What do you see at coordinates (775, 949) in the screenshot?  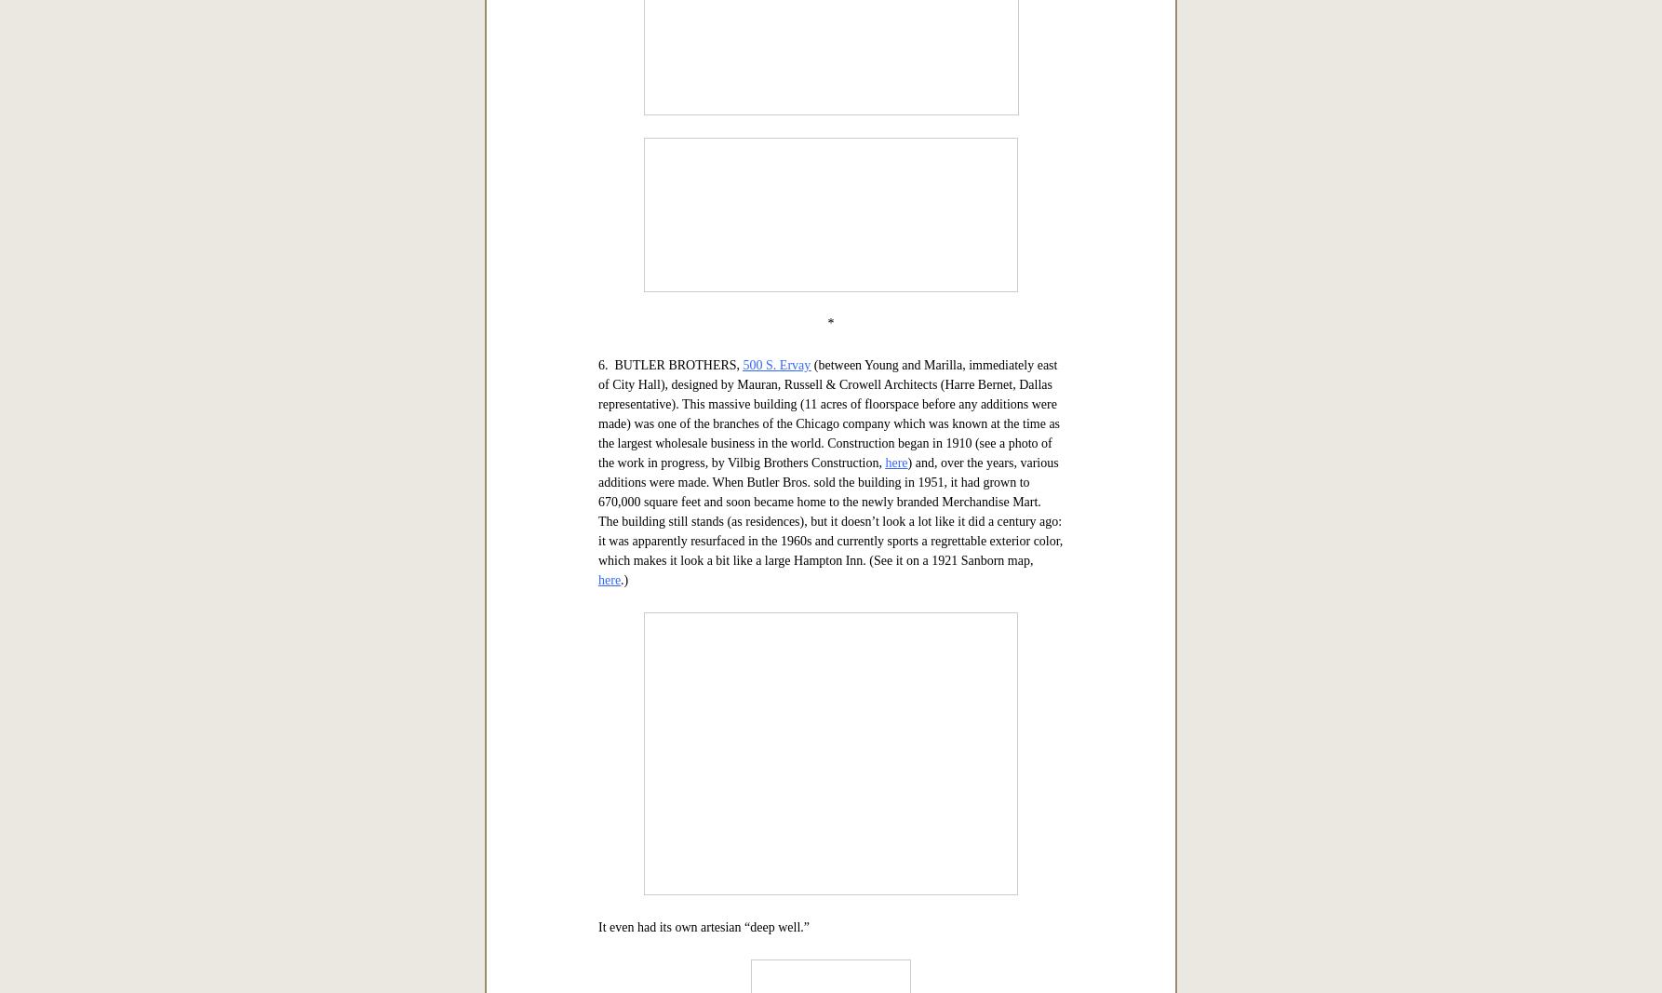 I see `'500 S. Ervay'` at bounding box center [775, 949].